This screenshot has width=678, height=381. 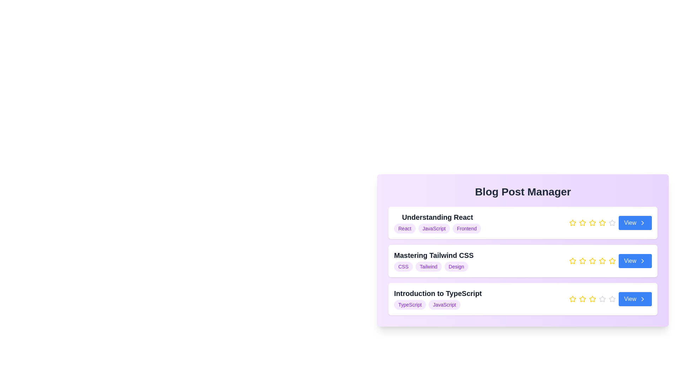 What do you see at coordinates (612, 261) in the screenshot?
I see `the fourth star icon in the five-star rating system beside the 'Mastering Tailwind CSS' list item to trigger tooltip or visual feedback` at bounding box center [612, 261].